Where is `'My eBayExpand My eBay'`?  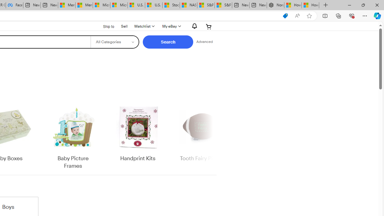
'My eBayExpand My eBay' is located at coordinates (171, 26).